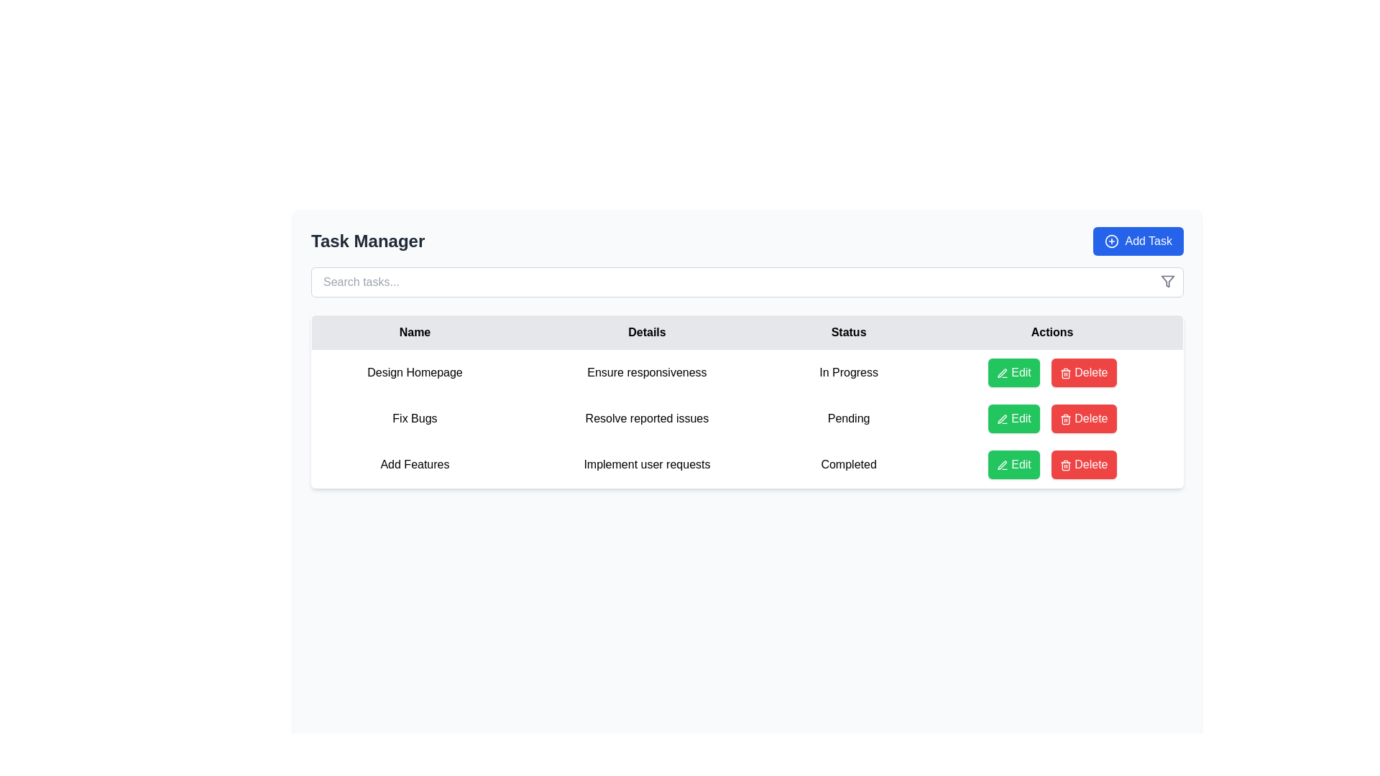 The width and height of the screenshot is (1380, 776). What do you see at coordinates (1083, 418) in the screenshot?
I see `the red 'Delete' button with white text and a trash can icon in the 'Actions' column of the table under the 'Fix Bugs' task to initiate the deletion process` at bounding box center [1083, 418].